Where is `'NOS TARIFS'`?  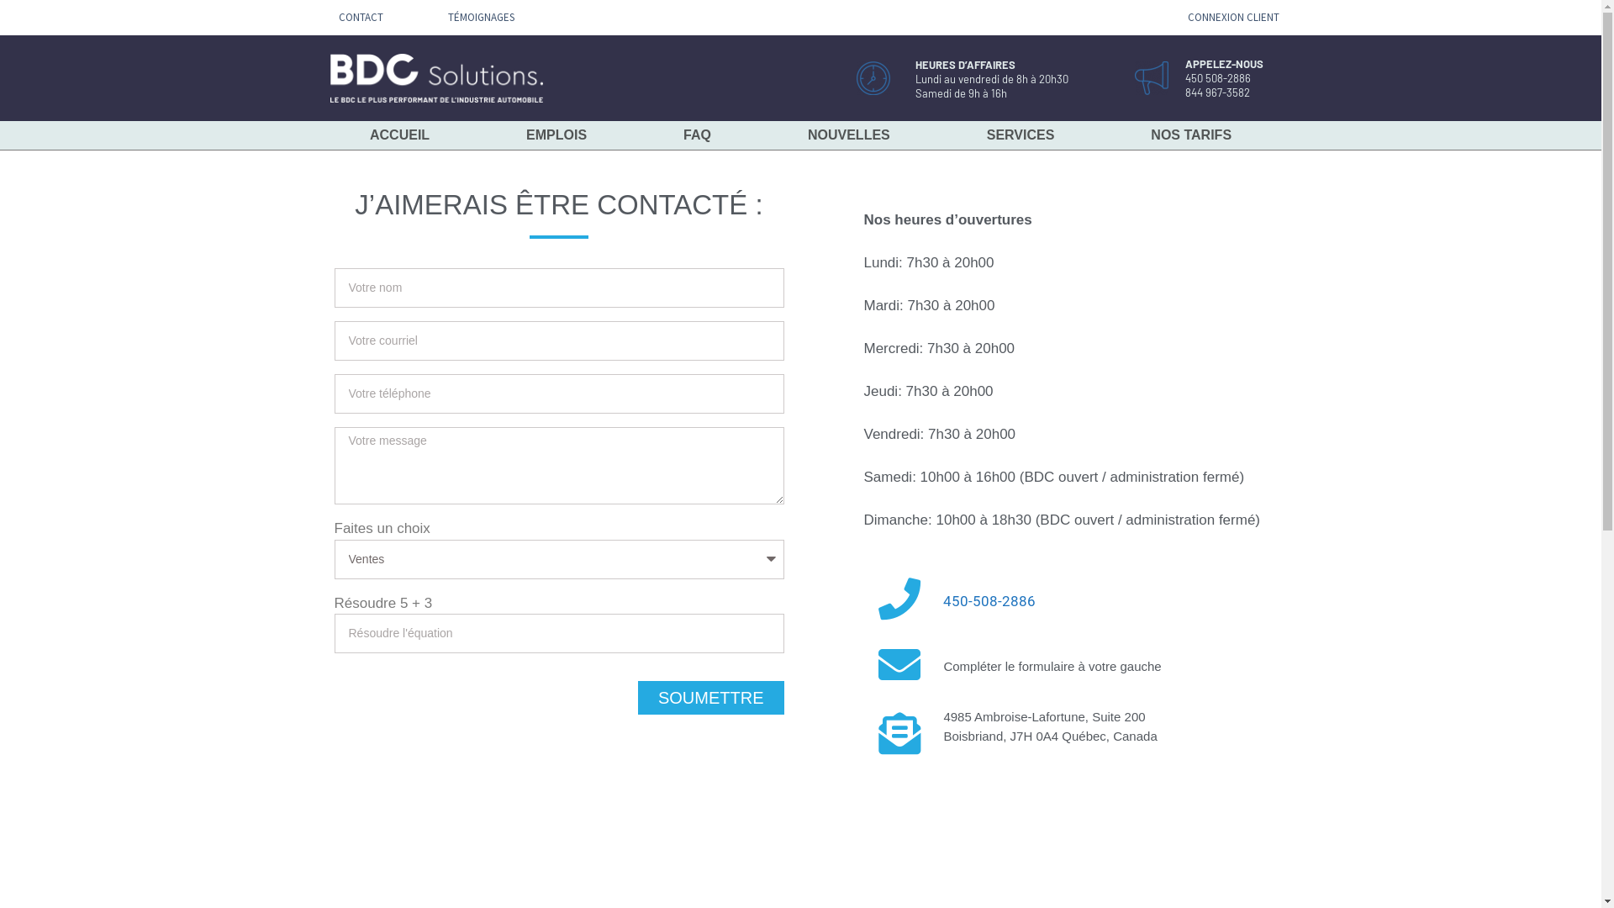
'NOS TARIFS' is located at coordinates (1190, 135).